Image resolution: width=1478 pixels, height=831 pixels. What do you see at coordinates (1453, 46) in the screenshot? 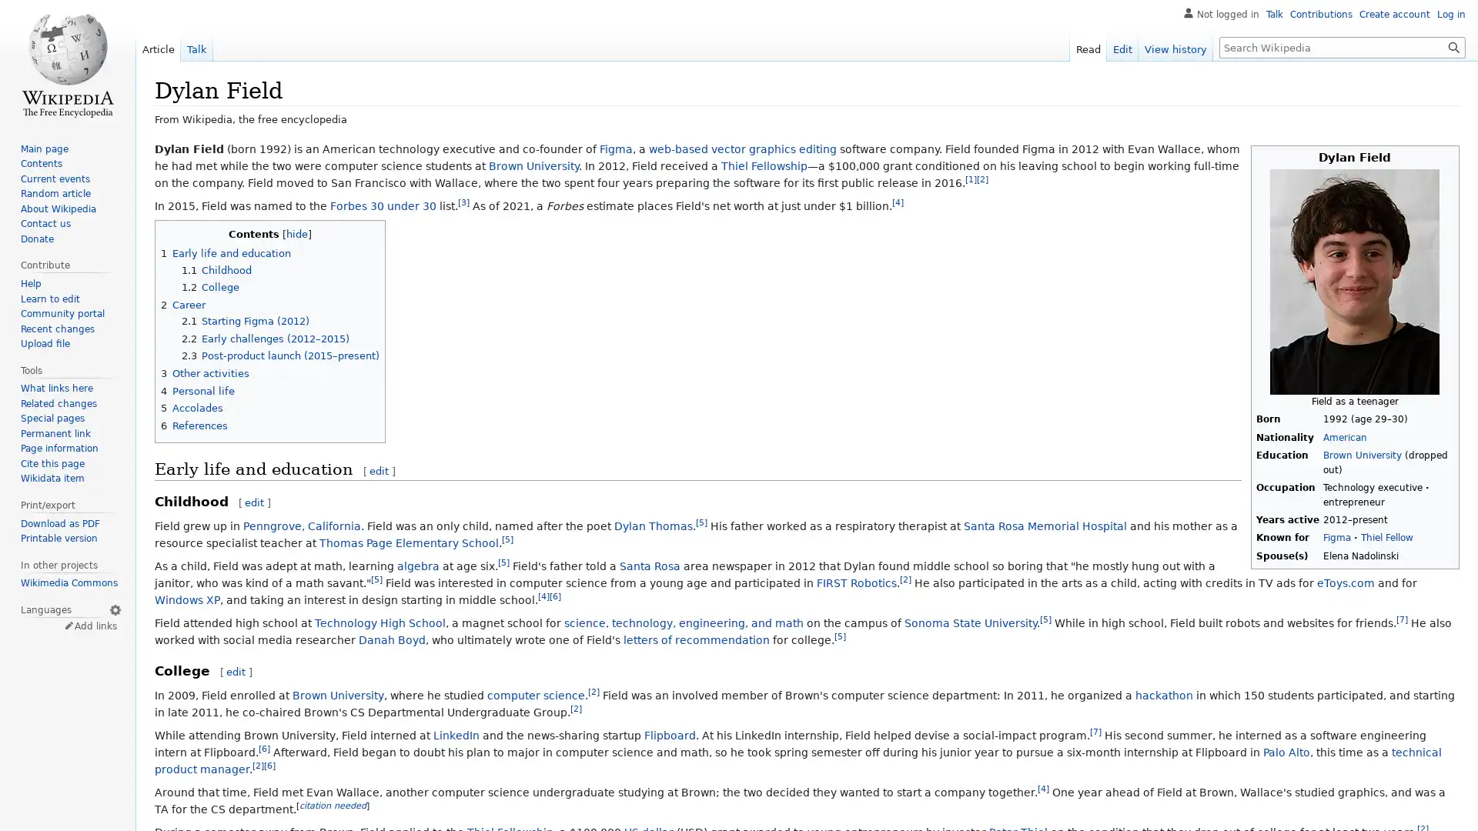
I see `Search` at bounding box center [1453, 46].